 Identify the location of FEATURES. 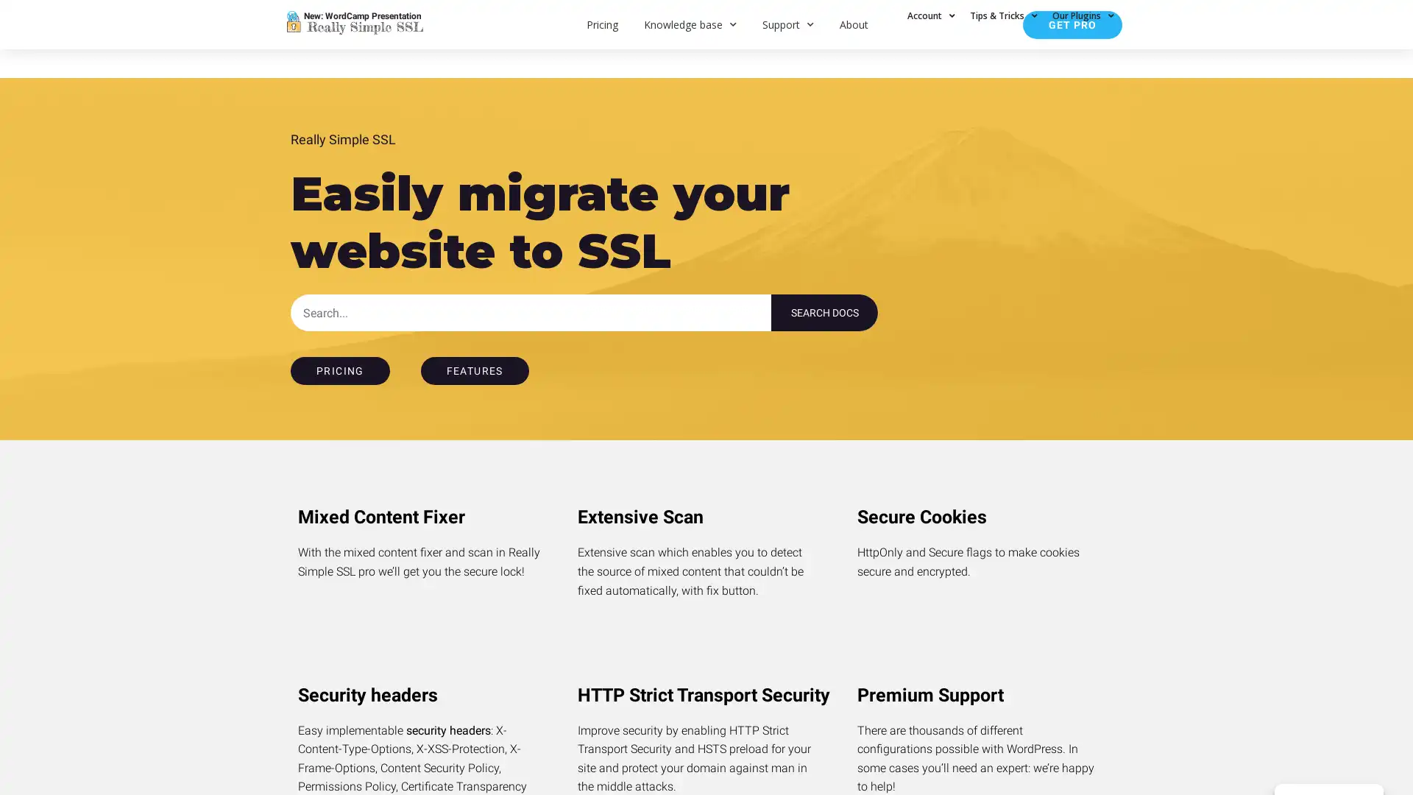
(474, 370).